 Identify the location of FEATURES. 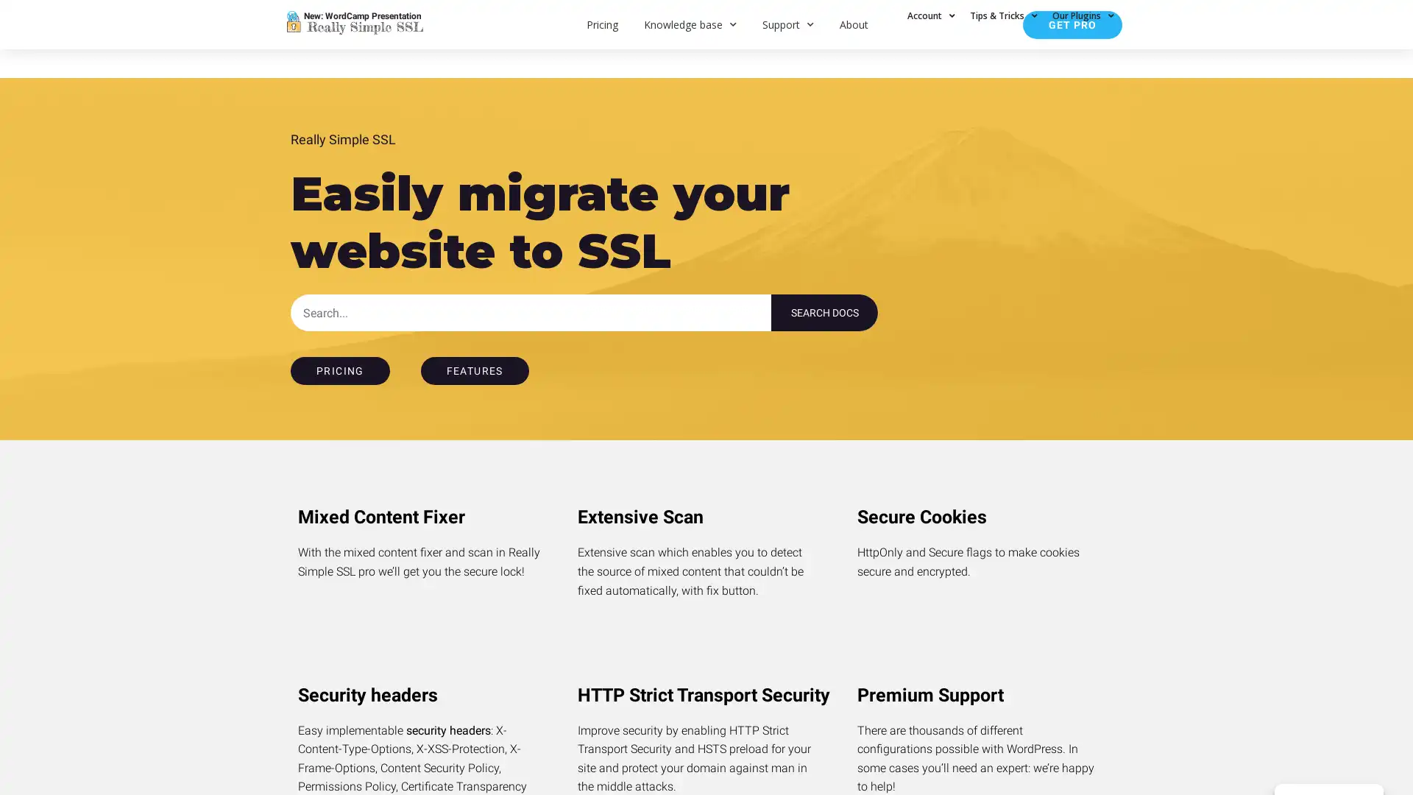
(474, 370).